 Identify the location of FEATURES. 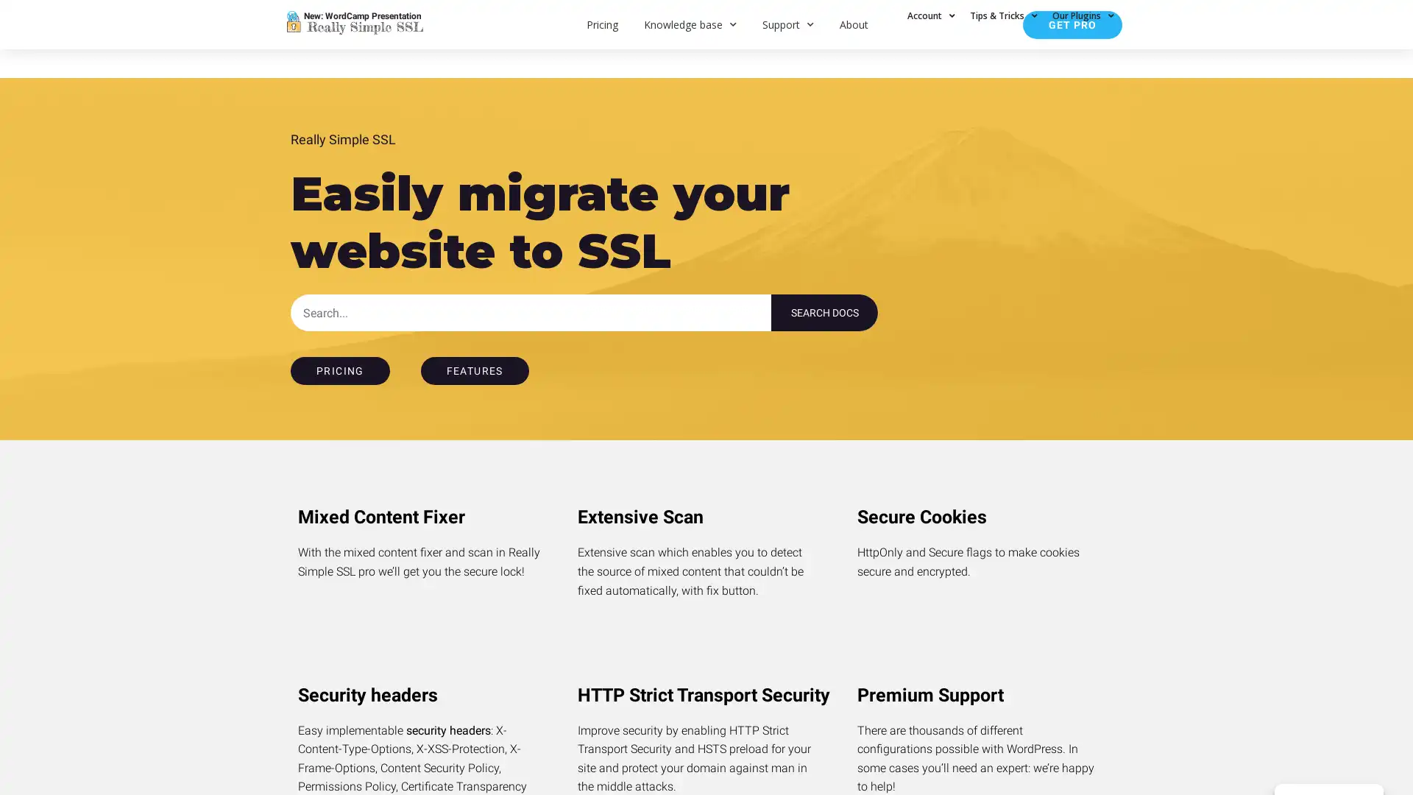
(474, 370).